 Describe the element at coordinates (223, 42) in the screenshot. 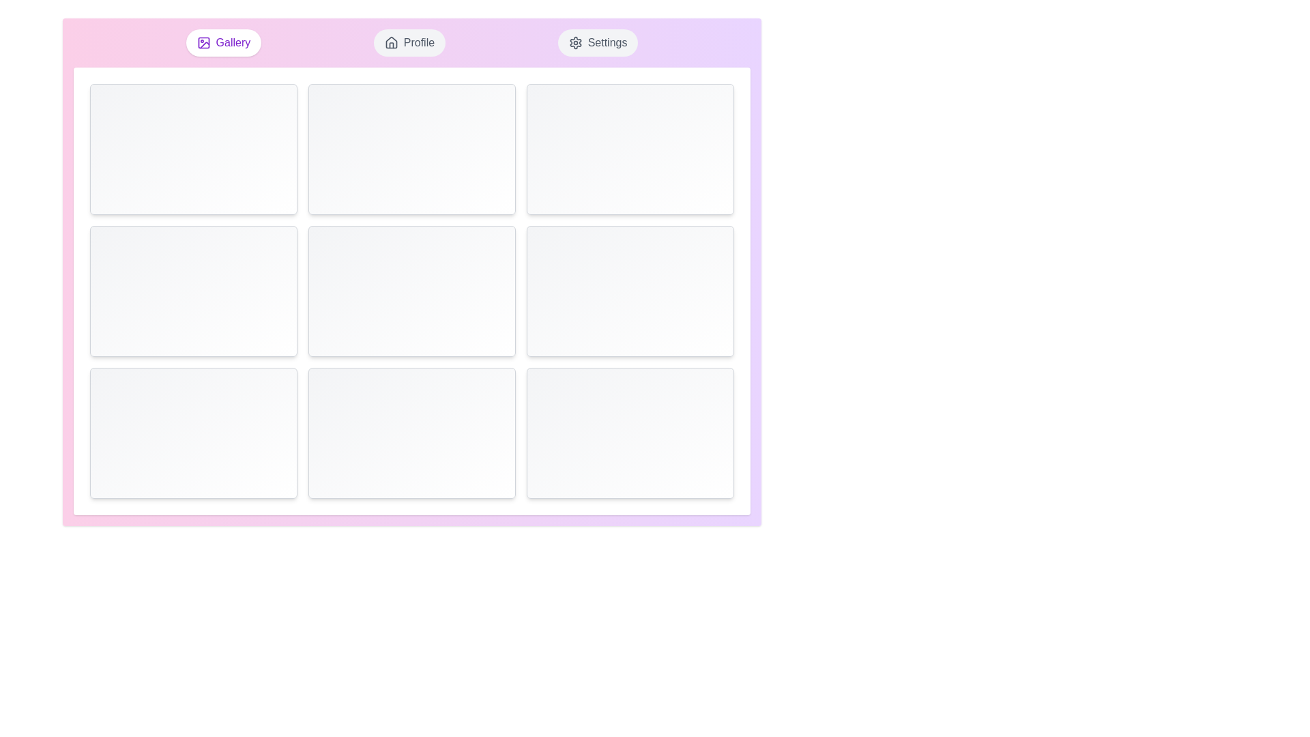

I see `the Gallery tab by clicking its button` at that location.